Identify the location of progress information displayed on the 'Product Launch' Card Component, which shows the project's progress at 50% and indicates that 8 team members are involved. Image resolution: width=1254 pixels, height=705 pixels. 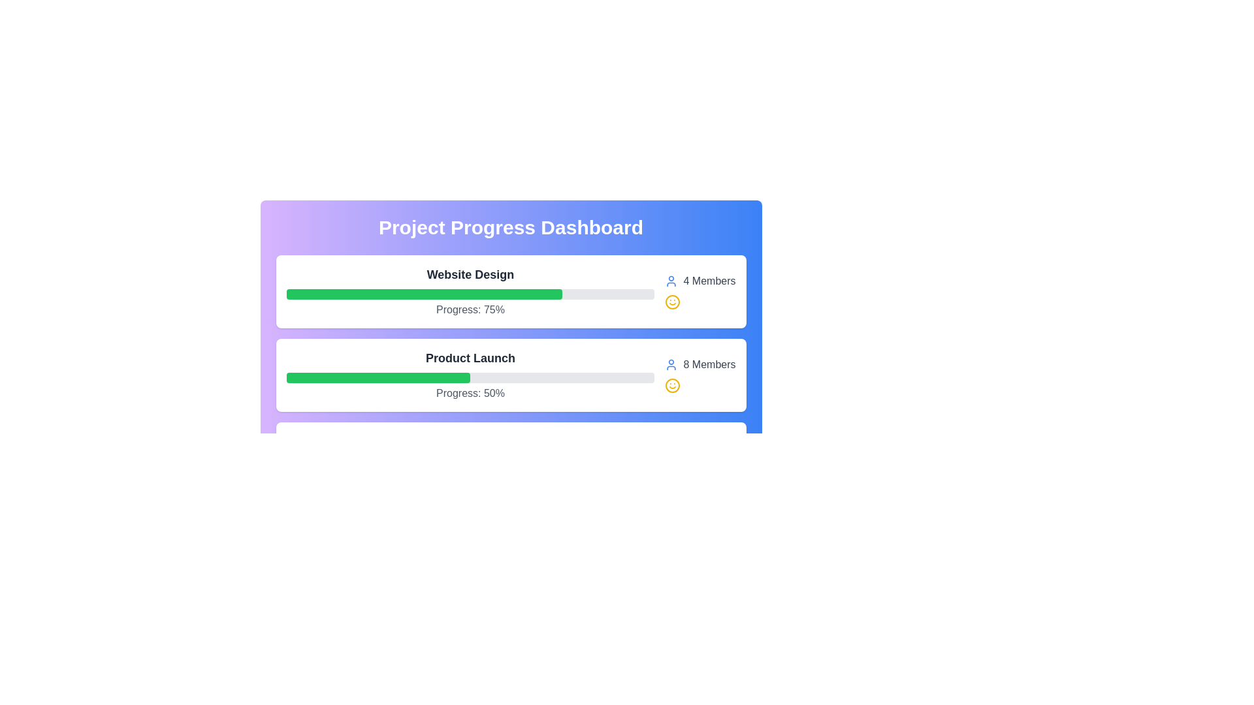
(510, 375).